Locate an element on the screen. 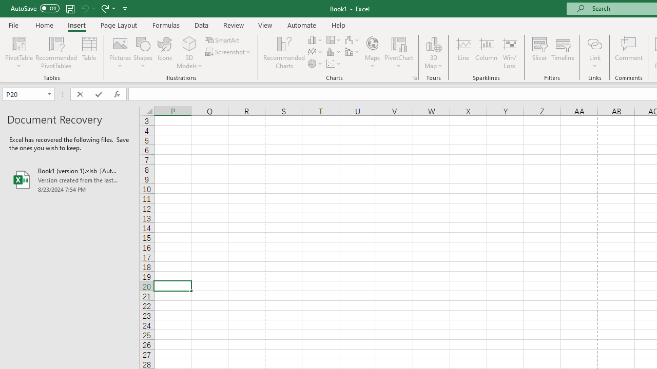 The image size is (657, 369). 'Insert Waterfall, Funnel, Stock, Surface, or Radar Chart' is located at coordinates (353, 39).